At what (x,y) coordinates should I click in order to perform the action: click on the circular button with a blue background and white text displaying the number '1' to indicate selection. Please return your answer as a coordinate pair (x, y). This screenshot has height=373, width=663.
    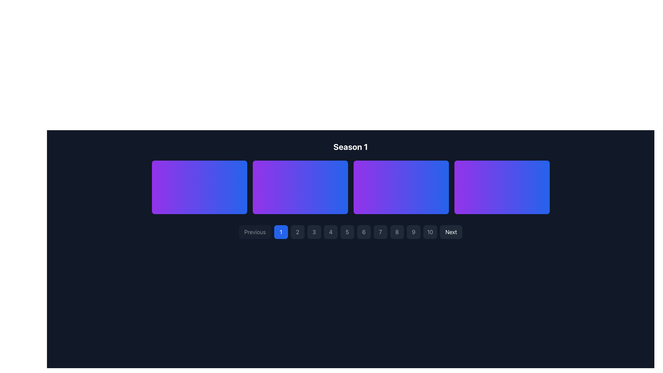
    Looking at the image, I should click on (281, 232).